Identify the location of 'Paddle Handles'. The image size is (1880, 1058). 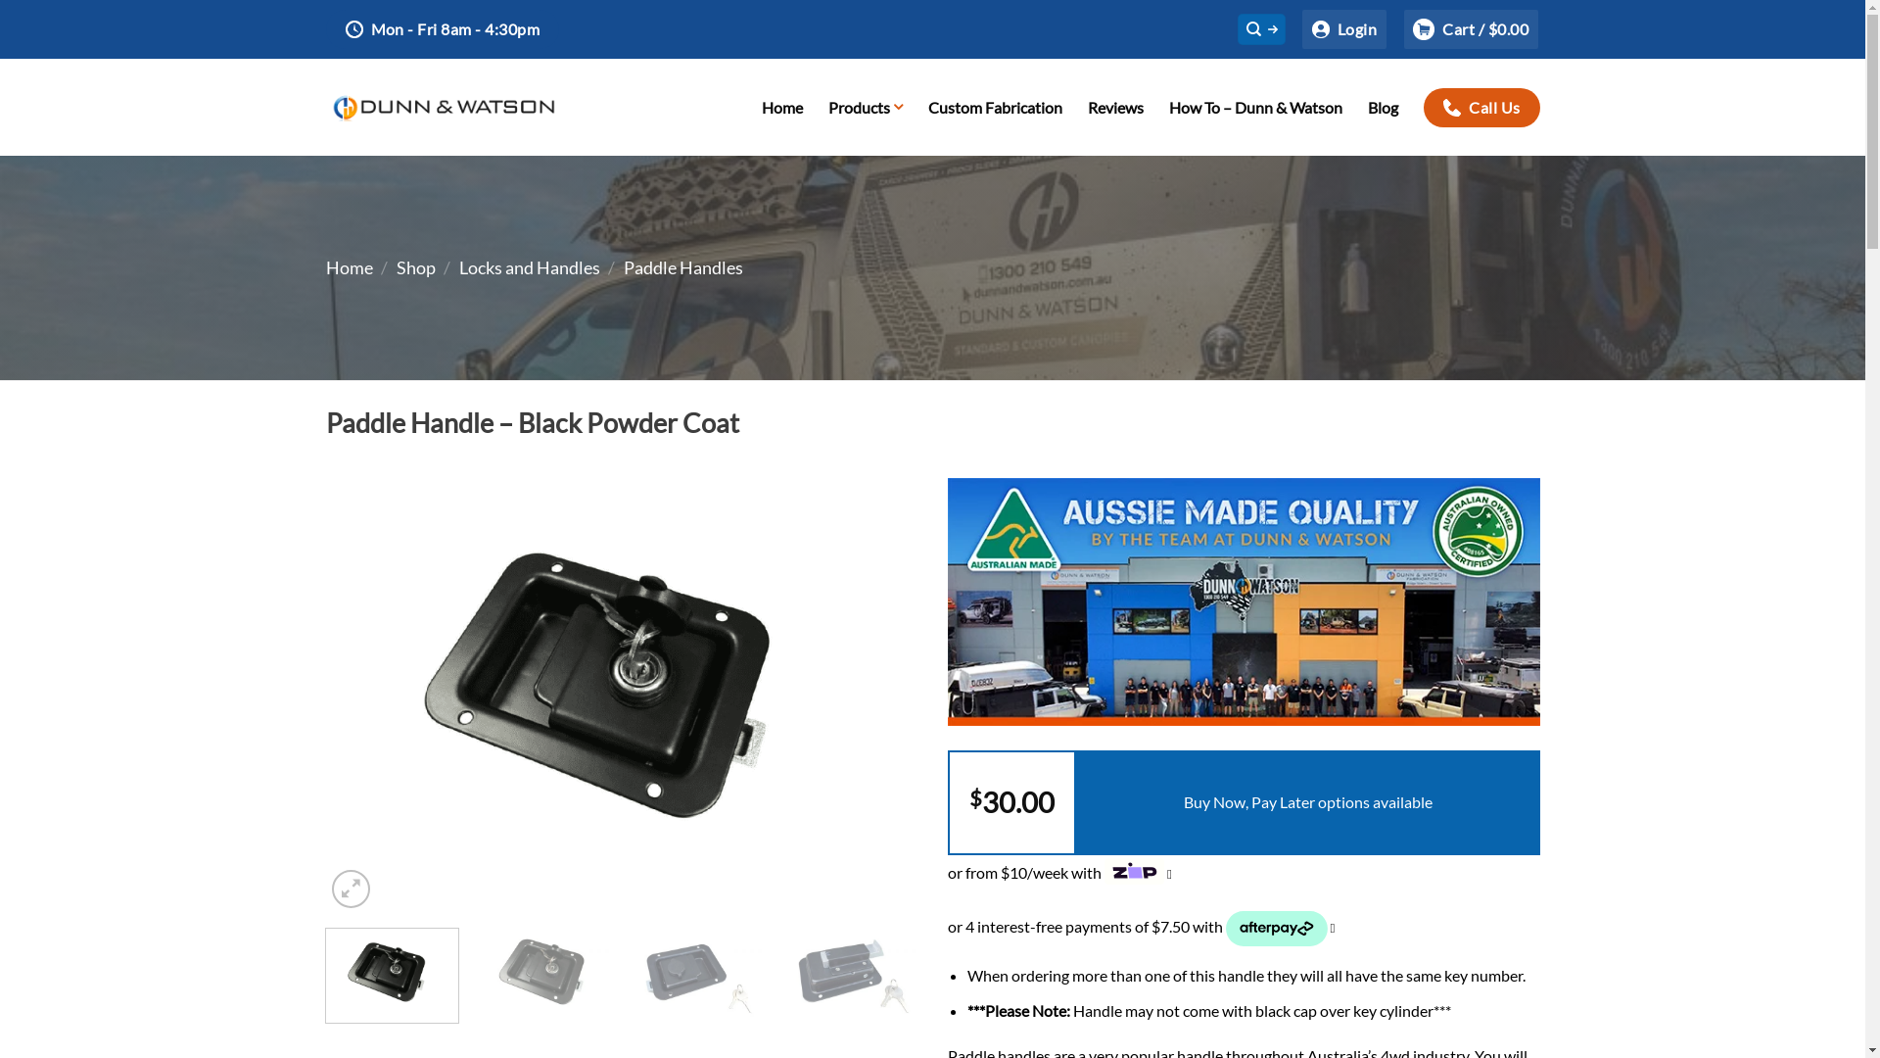
(682, 267).